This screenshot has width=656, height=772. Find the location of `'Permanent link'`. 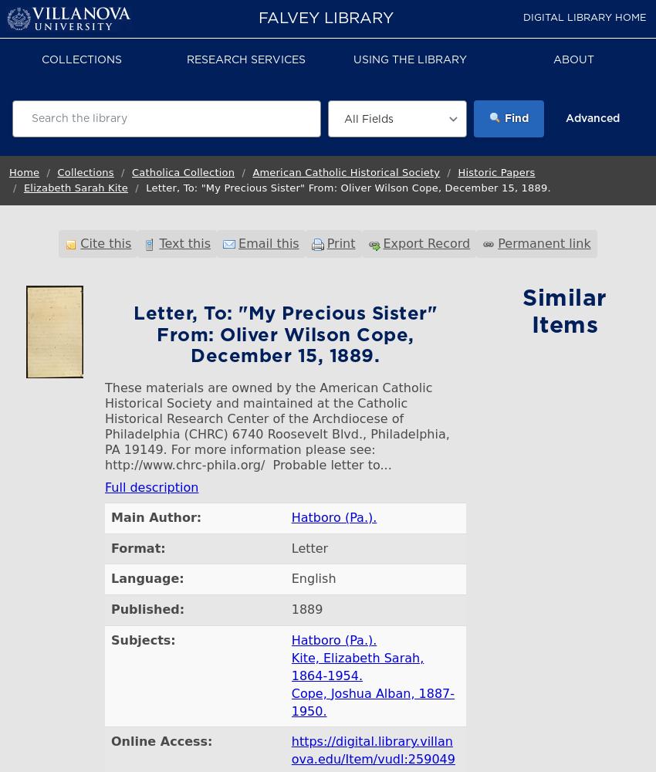

'Permanent link' is located at coordinates (497, 242).